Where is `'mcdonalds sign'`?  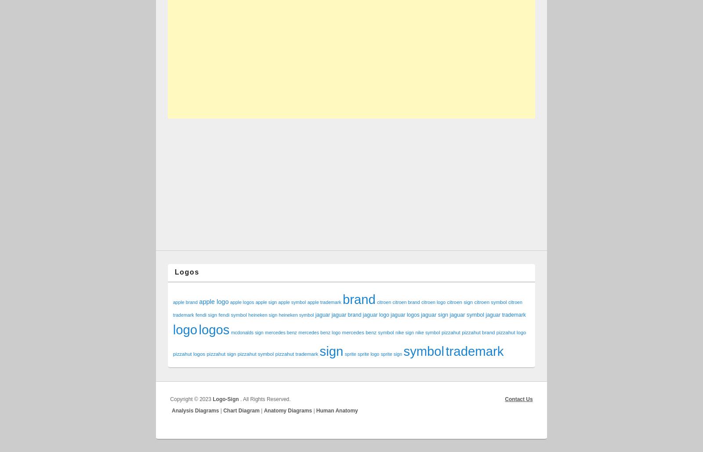 'mcdonalds sign' is located at coordinates (246, 333).